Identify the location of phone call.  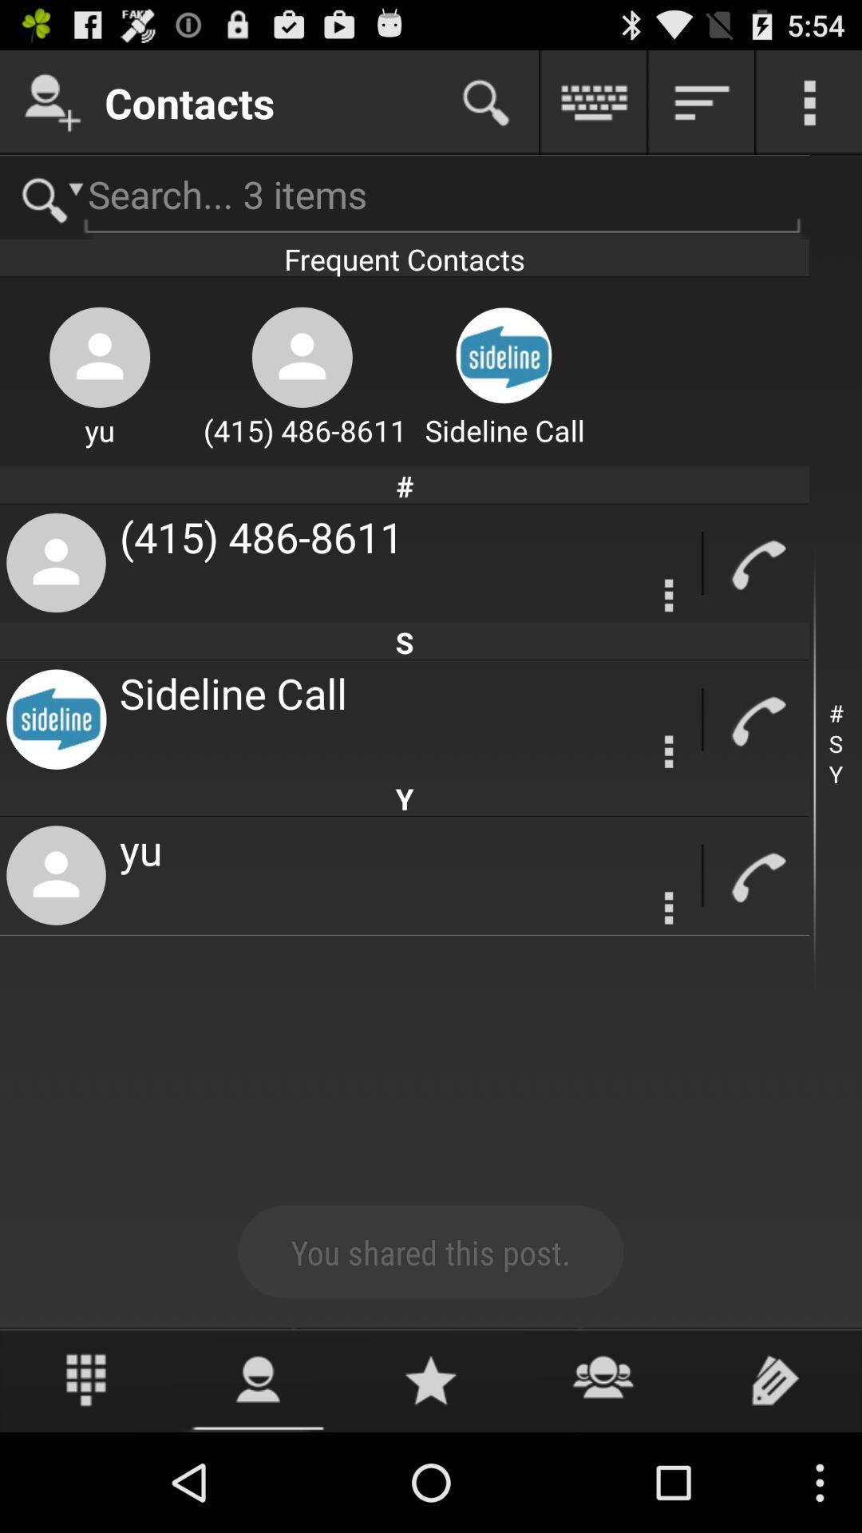
(756, 875).